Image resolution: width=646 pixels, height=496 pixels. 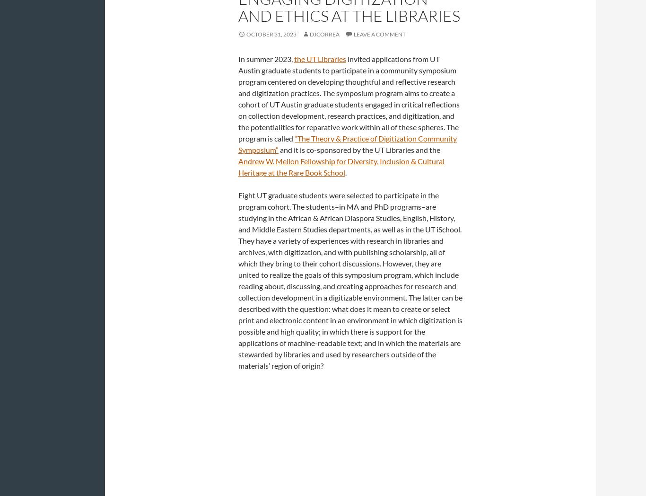 I want to click on 'Andrew W. Mellon Fellowship for Diversity, Inclusion & Cultural Heritage at the Rare Book School', so click(x=341, y=166).